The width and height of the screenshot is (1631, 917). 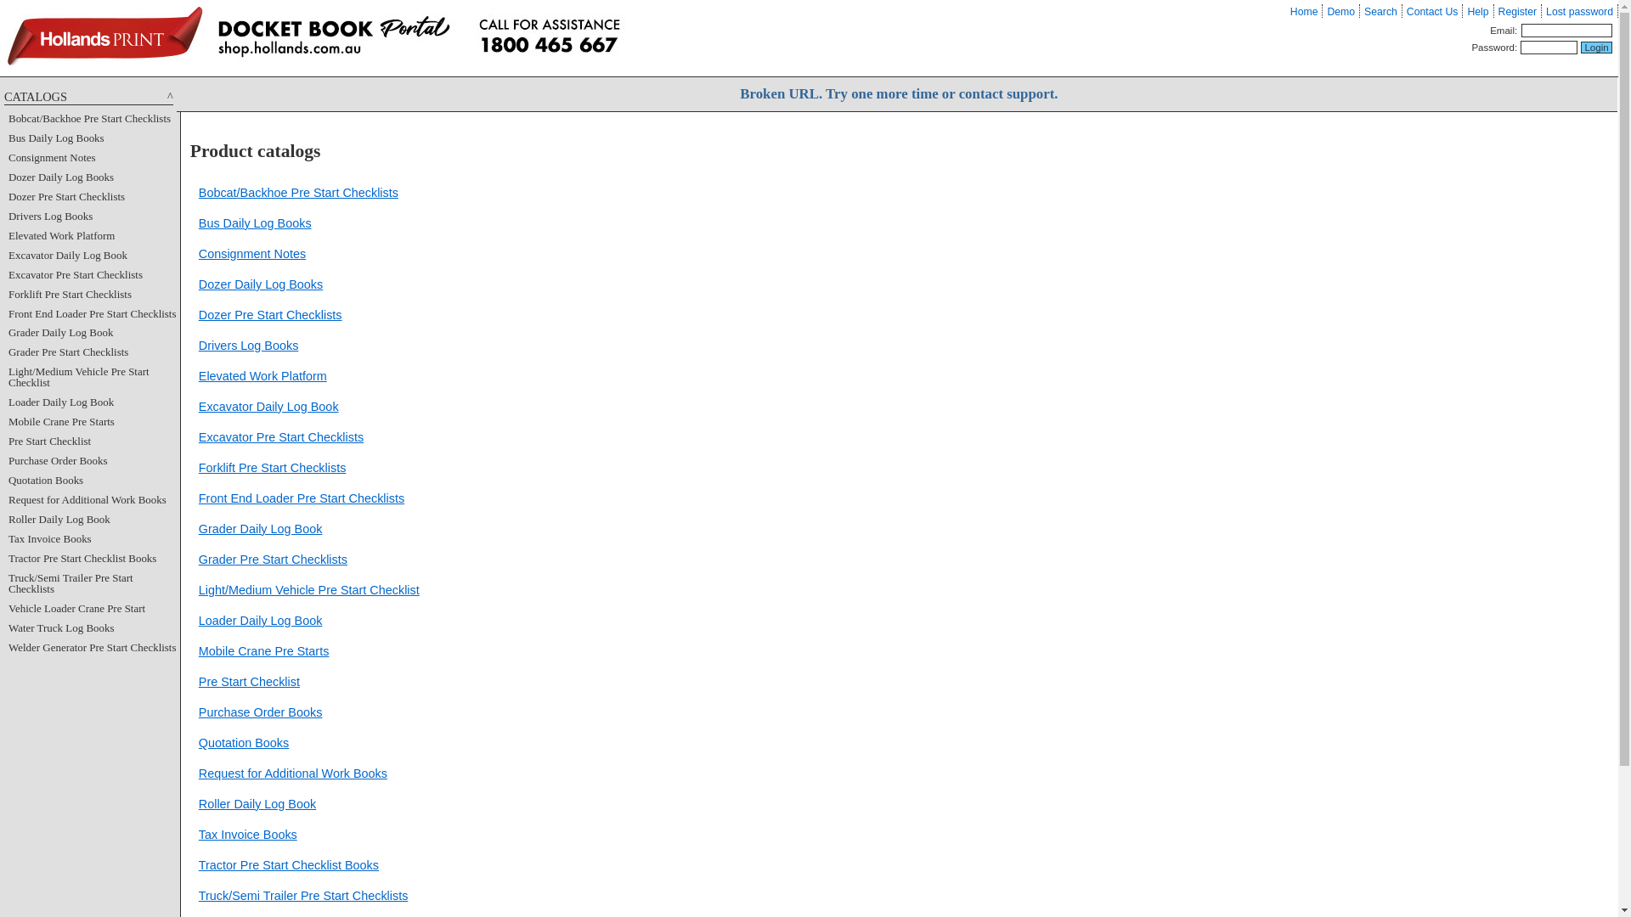 What do you see at coordinates (1595, 47) in the screenshot?
I see `'Login'` at bounding box center [1595, 47].